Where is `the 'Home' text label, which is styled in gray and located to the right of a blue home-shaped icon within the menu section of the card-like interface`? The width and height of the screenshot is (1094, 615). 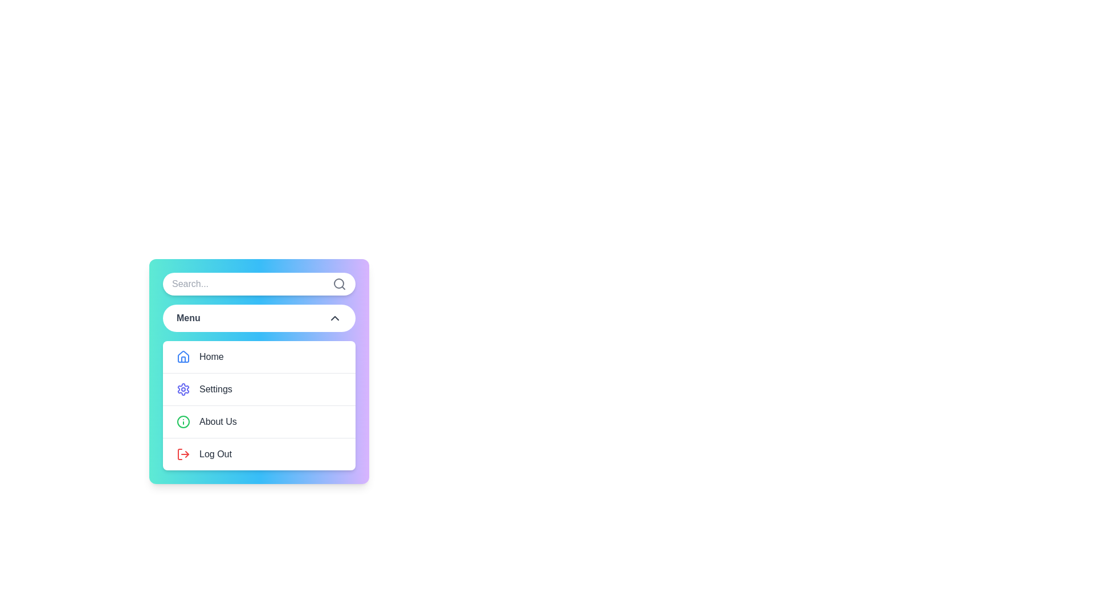 the 'Home' text label, which is styled in gray and located to the right of a blue home-shaped icon within the menu section of the card-like interface is located at coordinates (211, 356).